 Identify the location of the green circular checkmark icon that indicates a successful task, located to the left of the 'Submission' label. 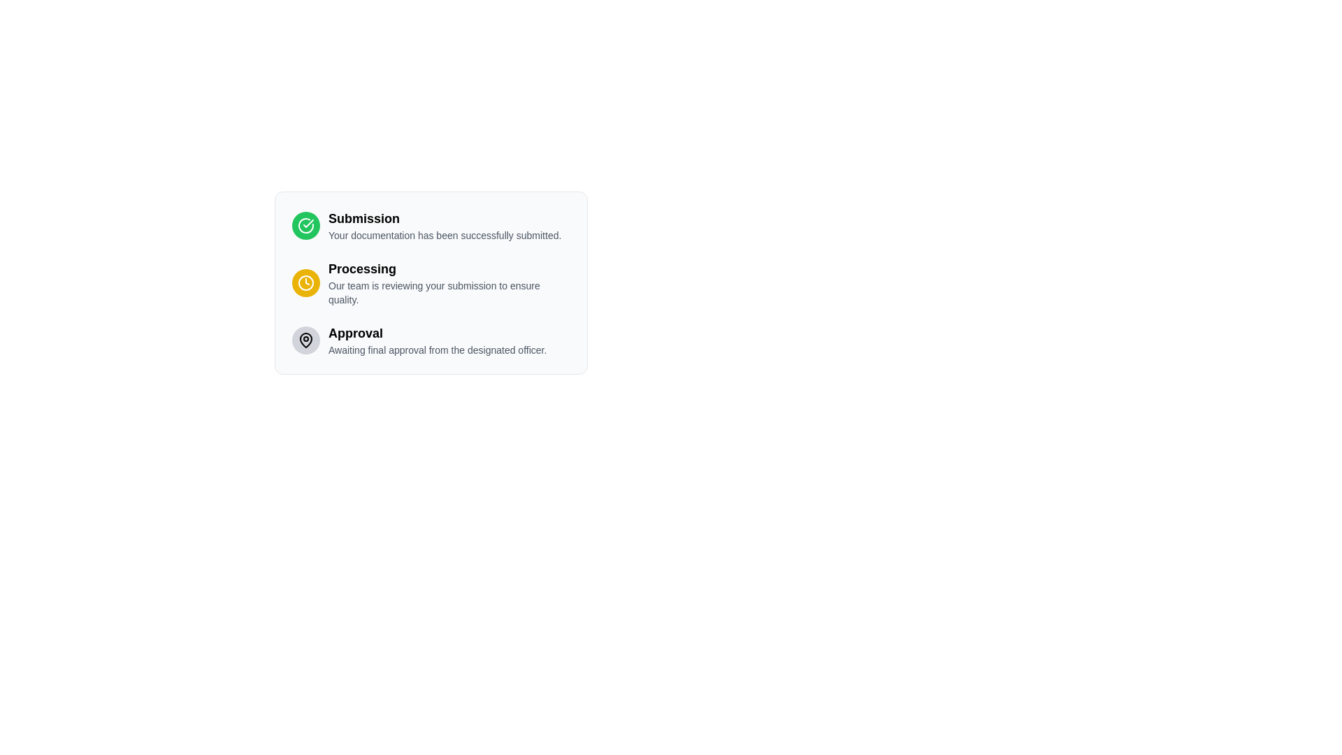
(305, 225).